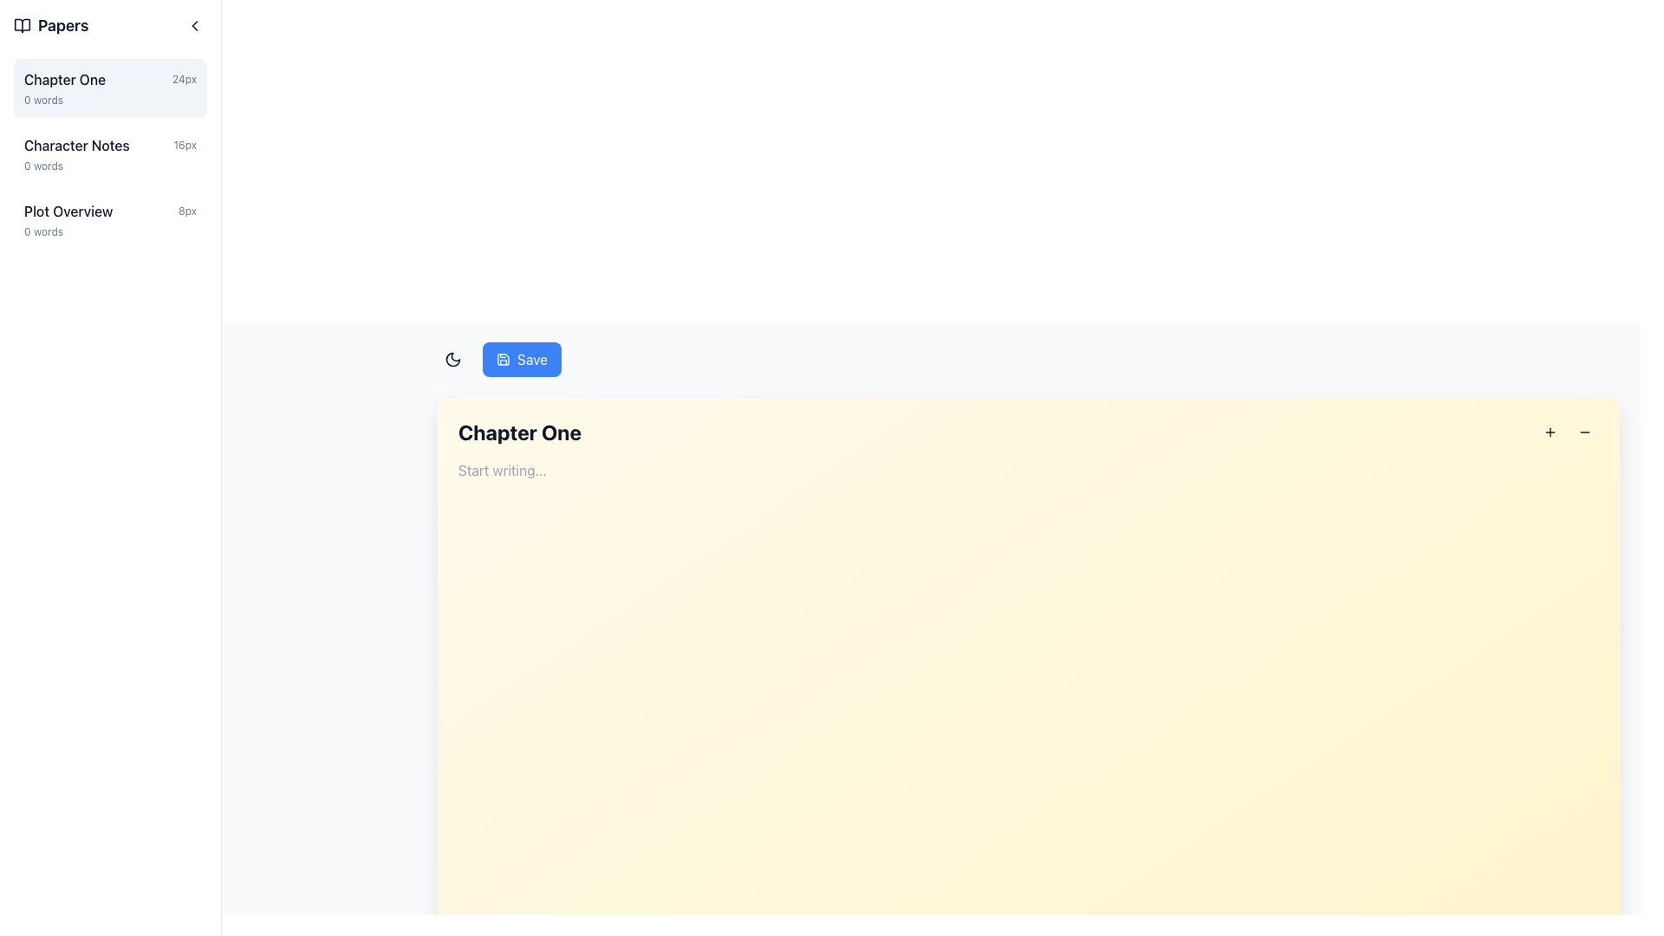  What do you see at coordinates (68, 210) in the screenshot?
I see `the text label displaying 'Plot Overview' located in the left sidebar navigation, positioned between 'Character Notes' and other similar elements` at bounding box center [68, 210].